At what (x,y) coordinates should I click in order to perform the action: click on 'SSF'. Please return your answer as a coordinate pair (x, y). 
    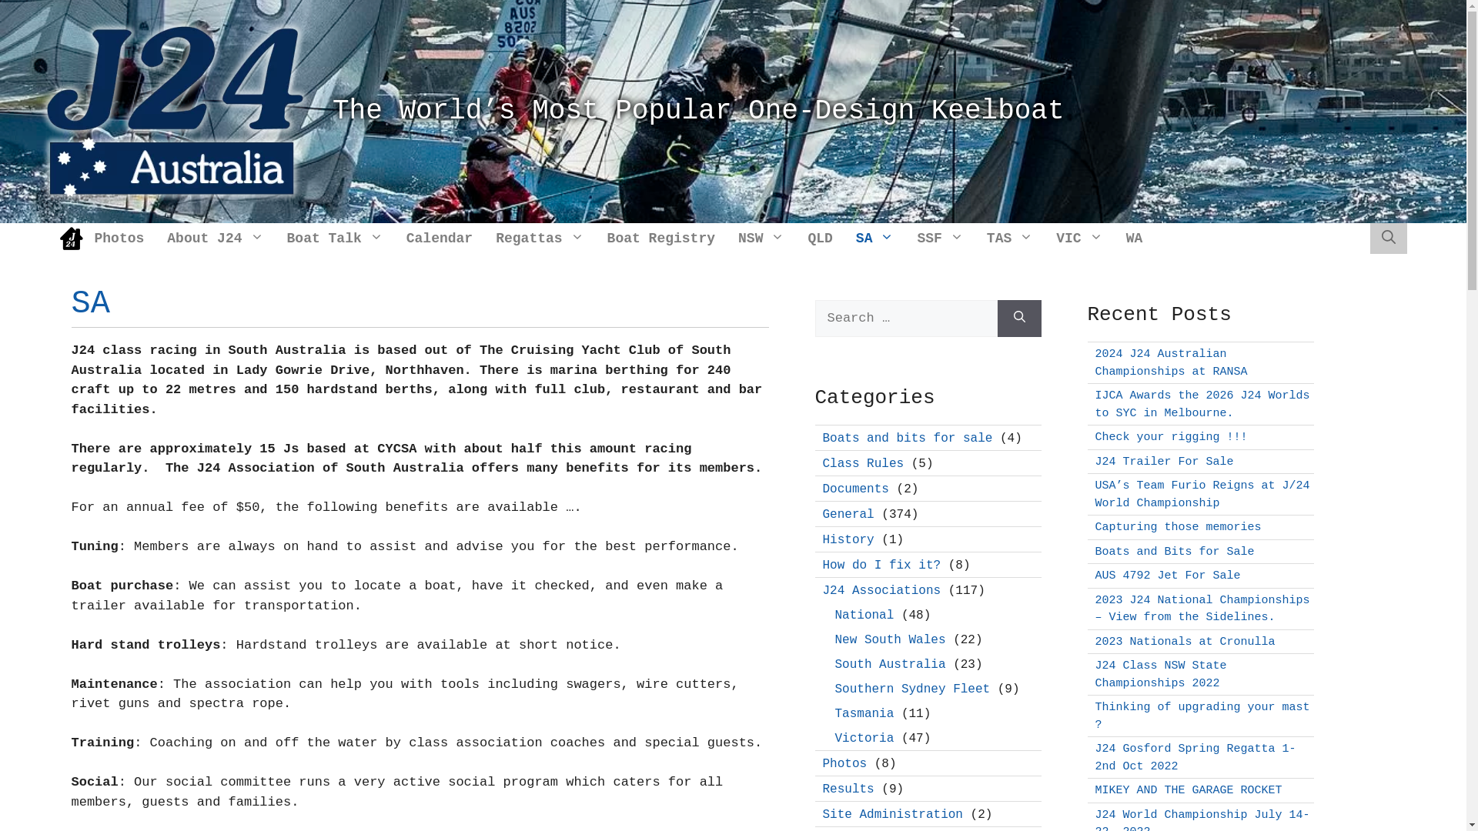
    Looking at the image, I should click on (938, 238).